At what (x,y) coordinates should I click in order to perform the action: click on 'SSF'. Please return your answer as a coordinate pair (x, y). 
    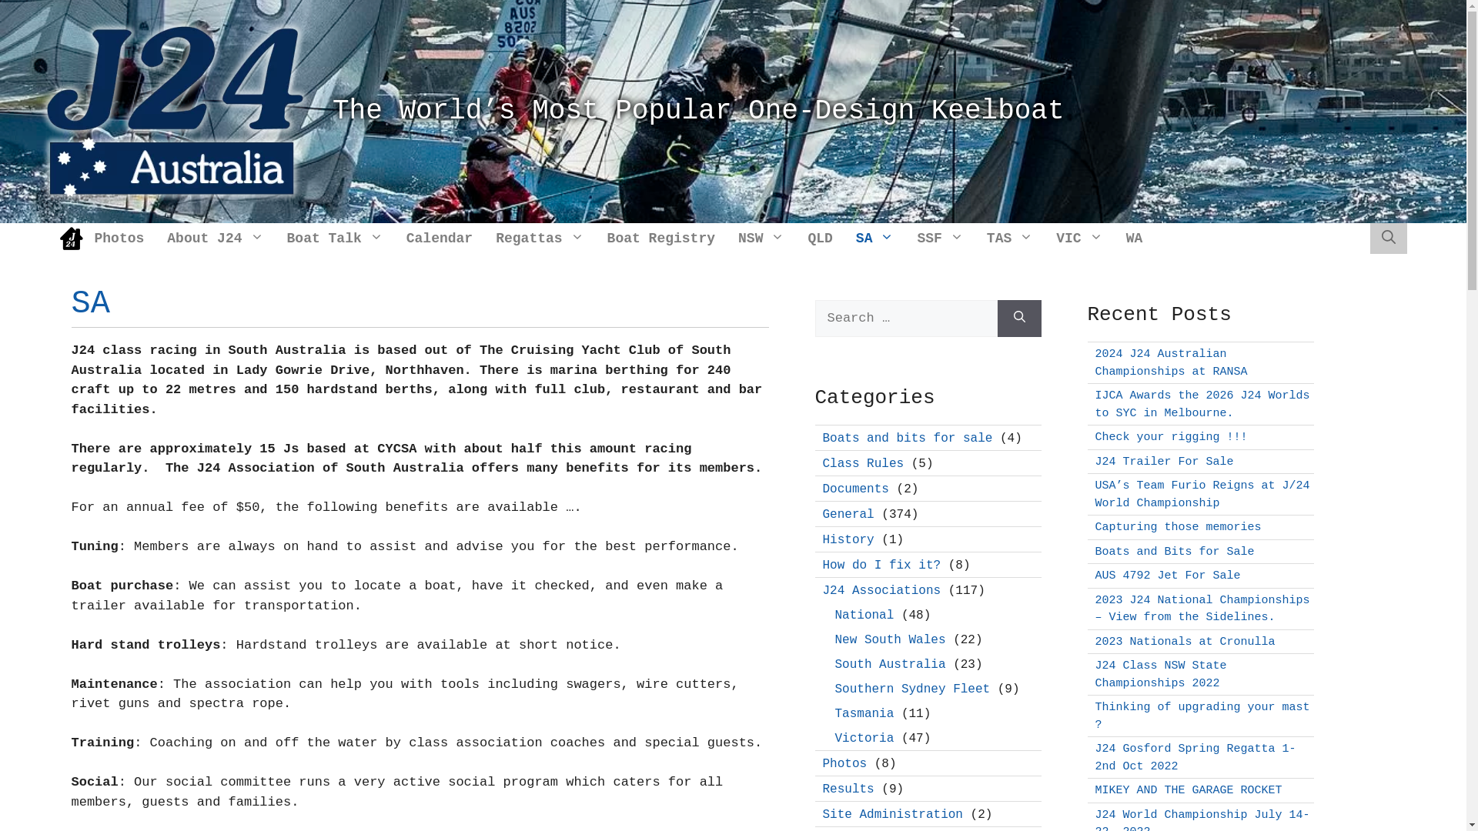
    Looking at the image, I should click on (938, 238).